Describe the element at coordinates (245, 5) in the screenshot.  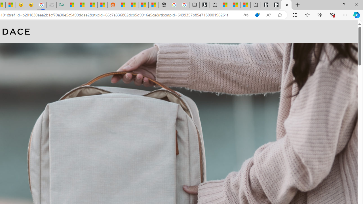
I see `'These 3 Stocks Pay You More Than 5% to Own Them'` at that location.